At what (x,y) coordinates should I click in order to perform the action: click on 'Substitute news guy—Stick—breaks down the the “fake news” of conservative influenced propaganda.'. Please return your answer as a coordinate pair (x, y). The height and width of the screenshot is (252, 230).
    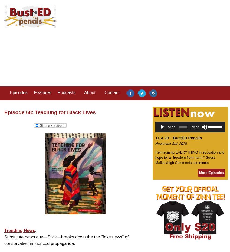
    Looking at the image, I should click on (4, 240).